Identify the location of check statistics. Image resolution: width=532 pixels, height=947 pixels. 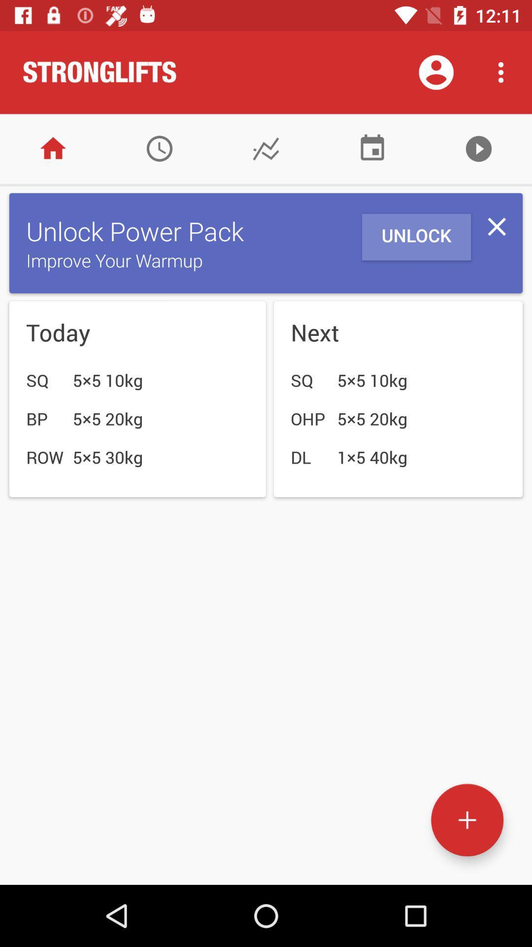
(266, 148).